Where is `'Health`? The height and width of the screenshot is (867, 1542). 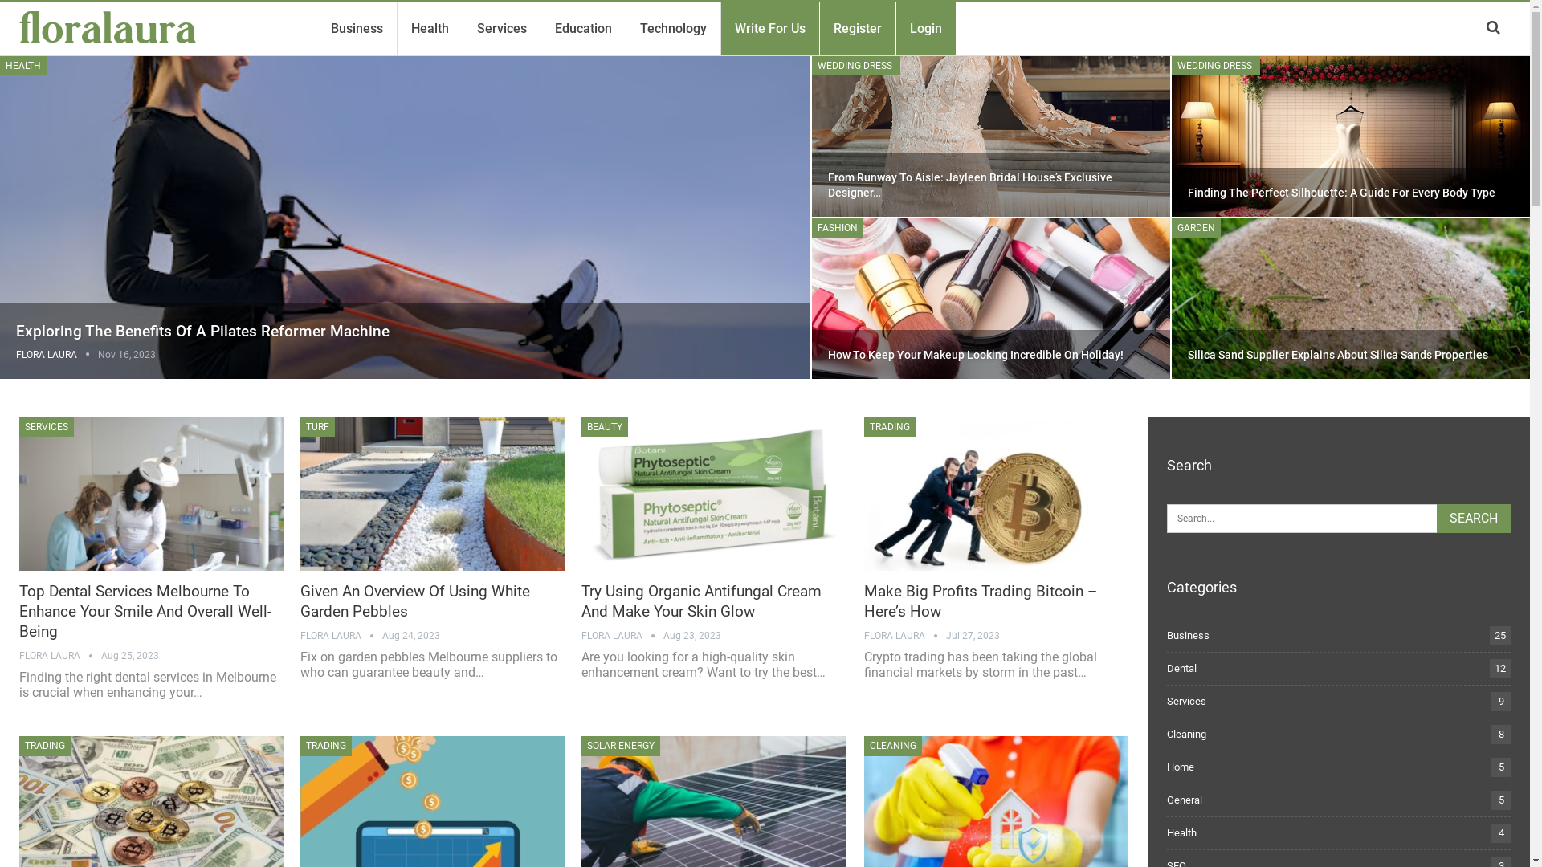
'Health is located at coordinates (1181, 832).